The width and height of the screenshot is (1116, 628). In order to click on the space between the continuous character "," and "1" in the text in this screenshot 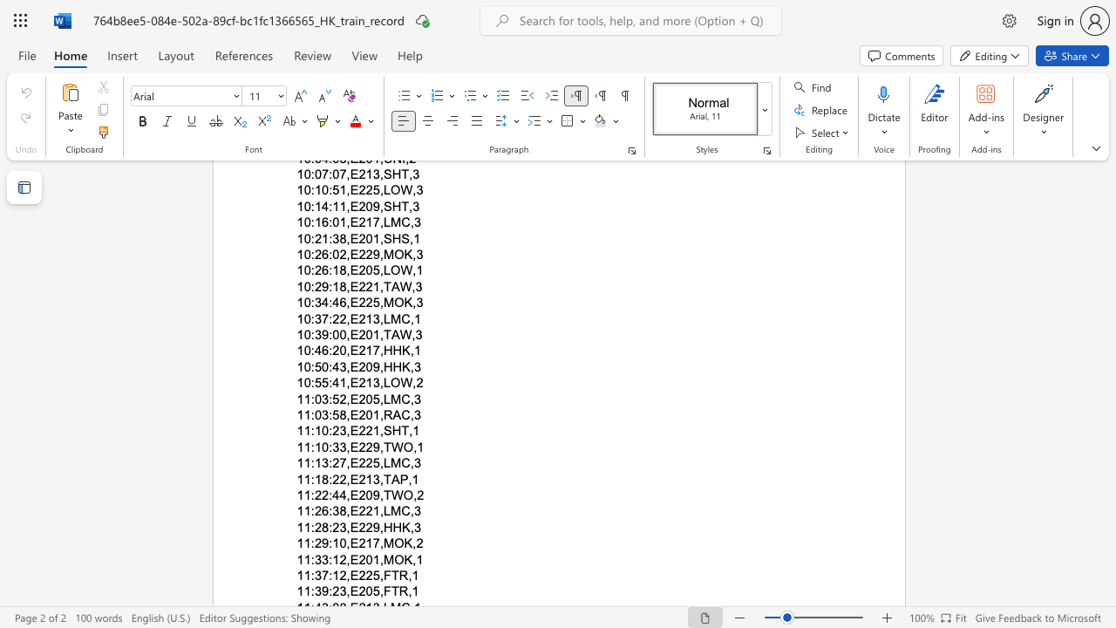, I will do `click(412, 576)`.